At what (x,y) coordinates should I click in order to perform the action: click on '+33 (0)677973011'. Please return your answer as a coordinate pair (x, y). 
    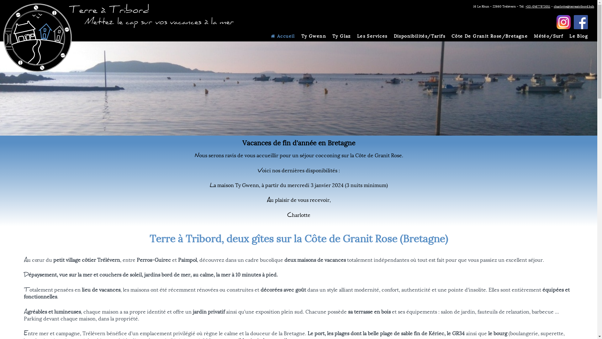
    Looking at the image, I should click on (537, 6).